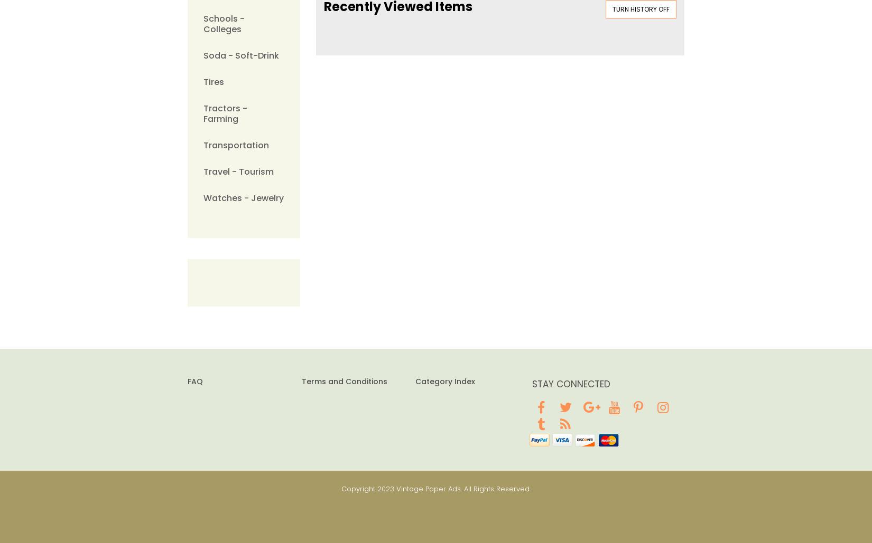  Describe the element at coordinates (453, 488) in the screenshot. I see `'2023 Vintage Paper Ads. All Rights Reserved.'` at that location.